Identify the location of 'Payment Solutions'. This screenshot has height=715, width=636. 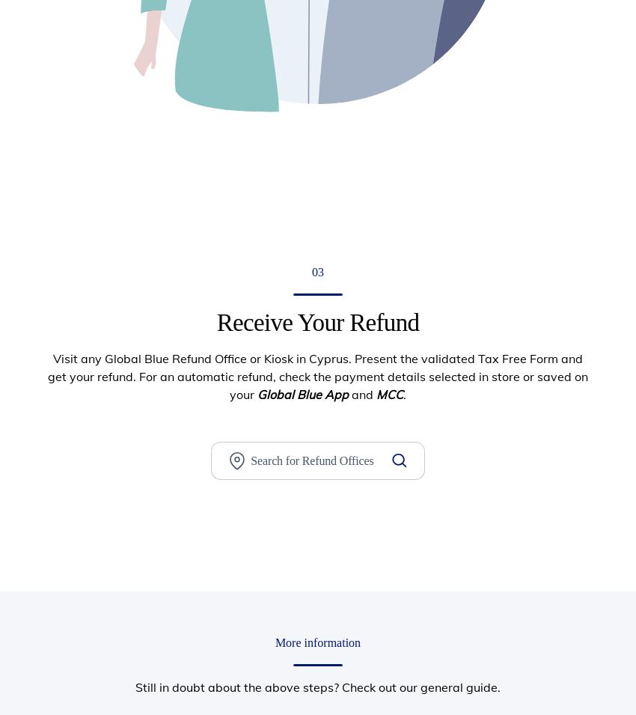
(408, 344).